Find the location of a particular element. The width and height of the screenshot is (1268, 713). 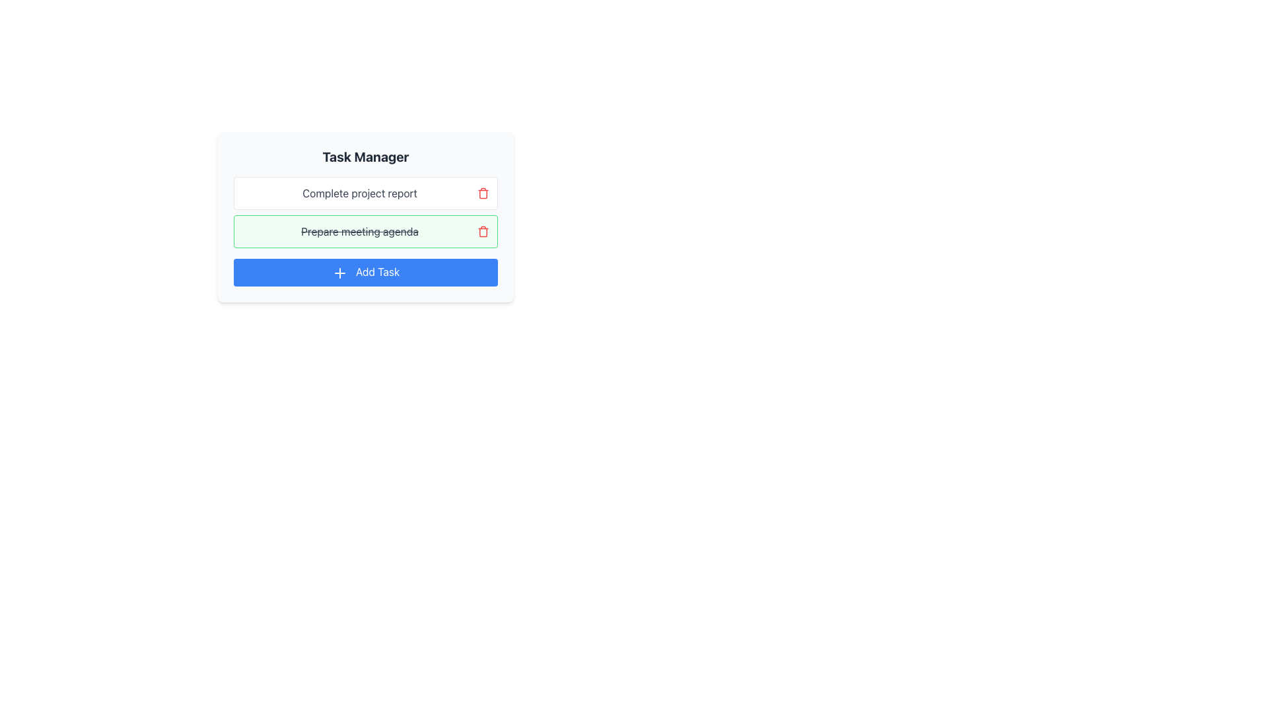

the text label element that reads 'Prepare meeting agenda.' which is styled with a strikethrough and indicates a completed task is located at coordinates (360, 231).